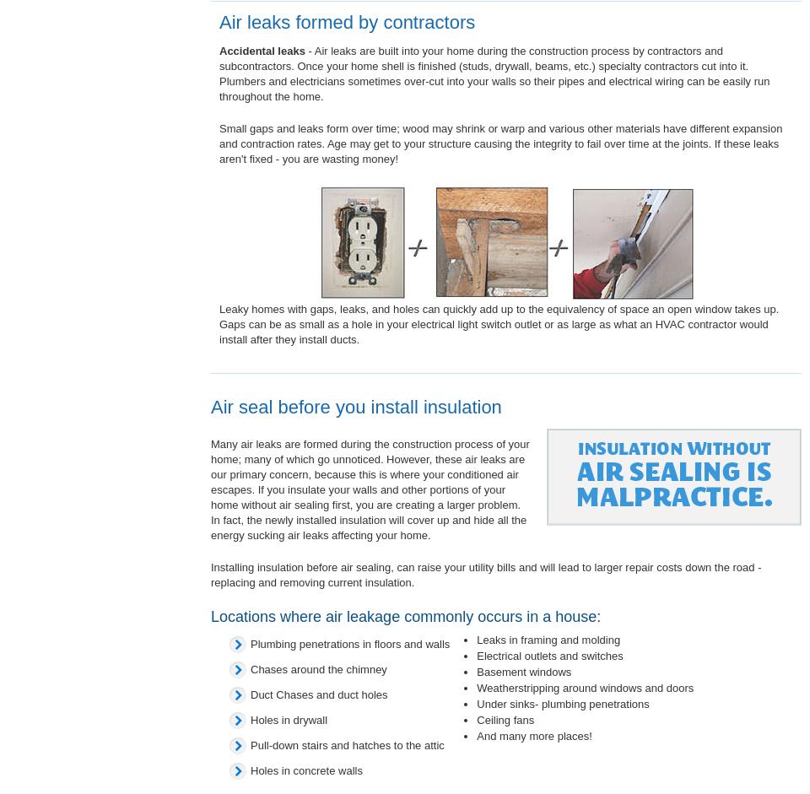 This screenshot has width=810, height=794. What do you see at coordinates (499, 324) in the screenshot?
I see `'Leaky homes with gaps, leaks, and holes can quickly add up to the equivalency of space an open window takes up. Gaps can be as small as a hole in your electrical light switch outlet or as large as what an HVAC contractor would install after they install ducts.'` at bounding box center [499, 324].